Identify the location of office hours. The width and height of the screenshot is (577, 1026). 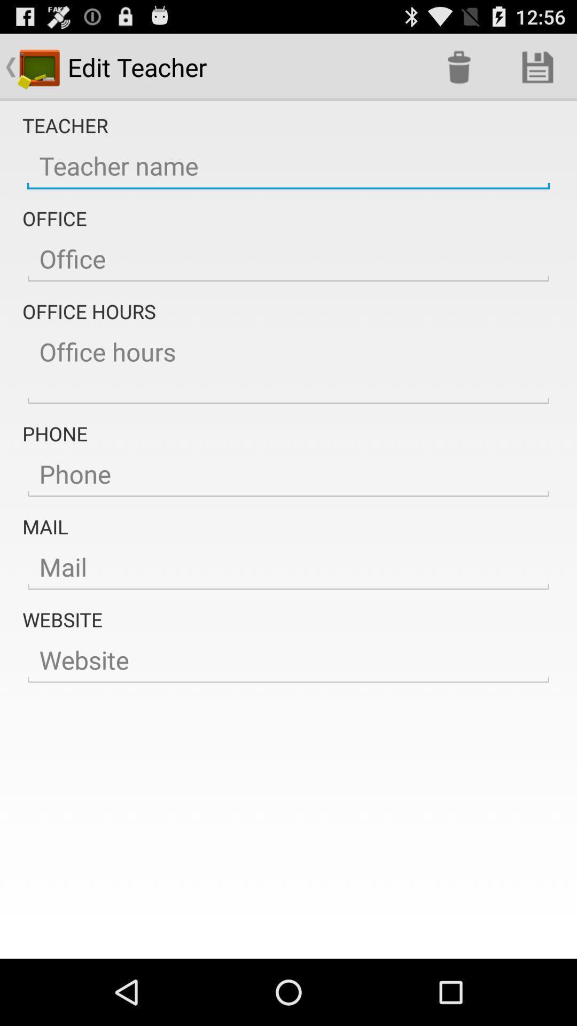
(288, 367).